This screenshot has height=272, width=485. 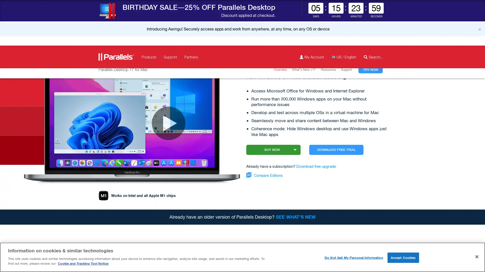 I want to click on Do Not Sell My Personal Information, so click(x=353, y=257).